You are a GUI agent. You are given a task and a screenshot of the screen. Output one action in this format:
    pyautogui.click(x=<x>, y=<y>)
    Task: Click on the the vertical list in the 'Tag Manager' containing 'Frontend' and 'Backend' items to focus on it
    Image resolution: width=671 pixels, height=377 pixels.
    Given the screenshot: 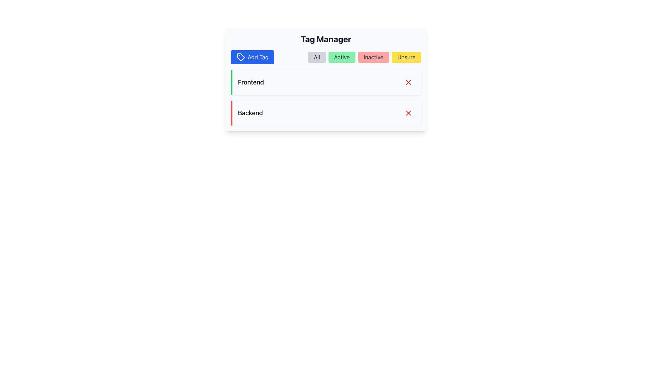 What is the action you would take?
    pyautogui.click(x=325, y=98)
    